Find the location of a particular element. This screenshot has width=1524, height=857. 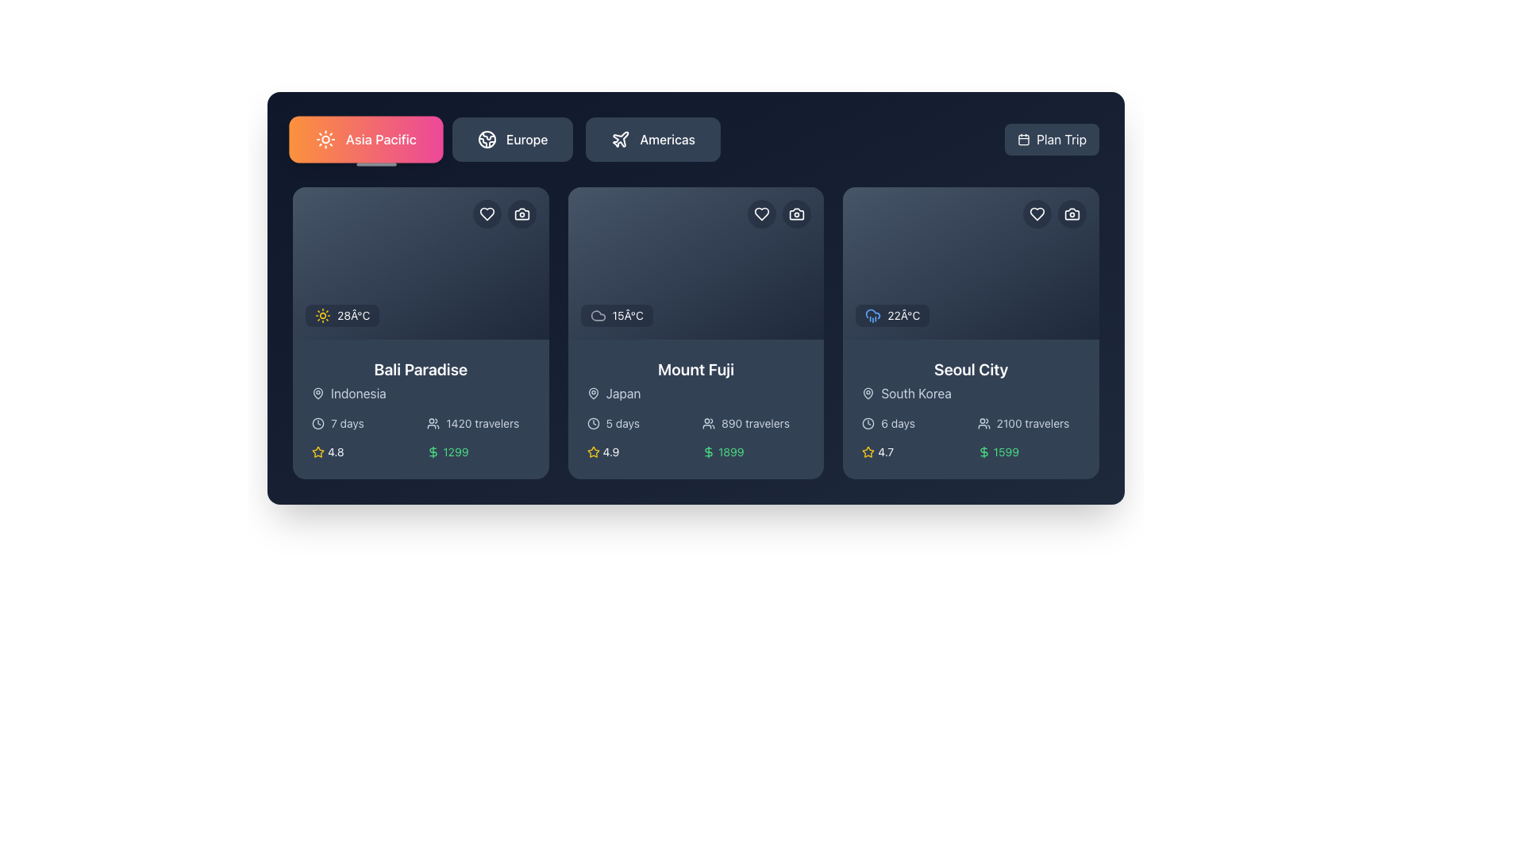

the cloud-shaped icon located in the top-right corner of the Mount Fuji information card, which serves as a visual indicator for weather-related content is located at coordinates (597, 315).